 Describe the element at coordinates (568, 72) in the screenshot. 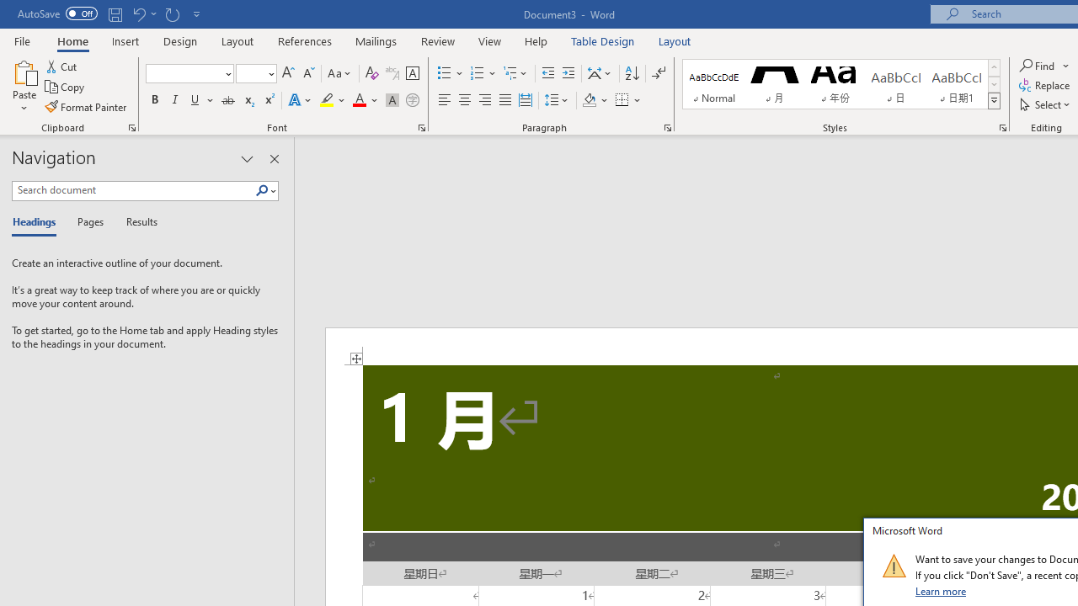

I see `'Increase Indent'` at that location.